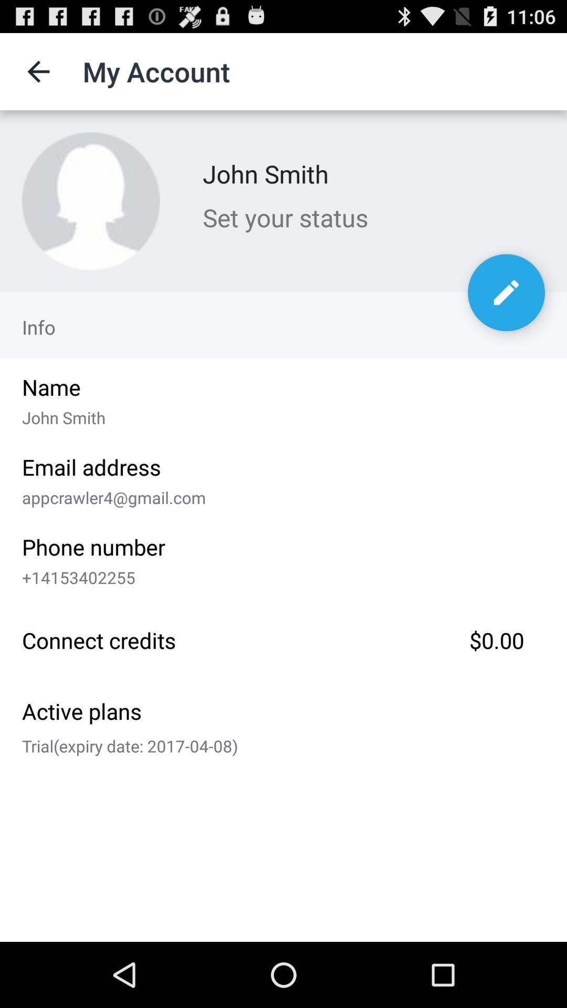 The width and height of the screenshot is (567, 1008). Describe the element at coordinates (283, 495) in the screenshot. I see `appcrawler4@gmail.com` at that location.